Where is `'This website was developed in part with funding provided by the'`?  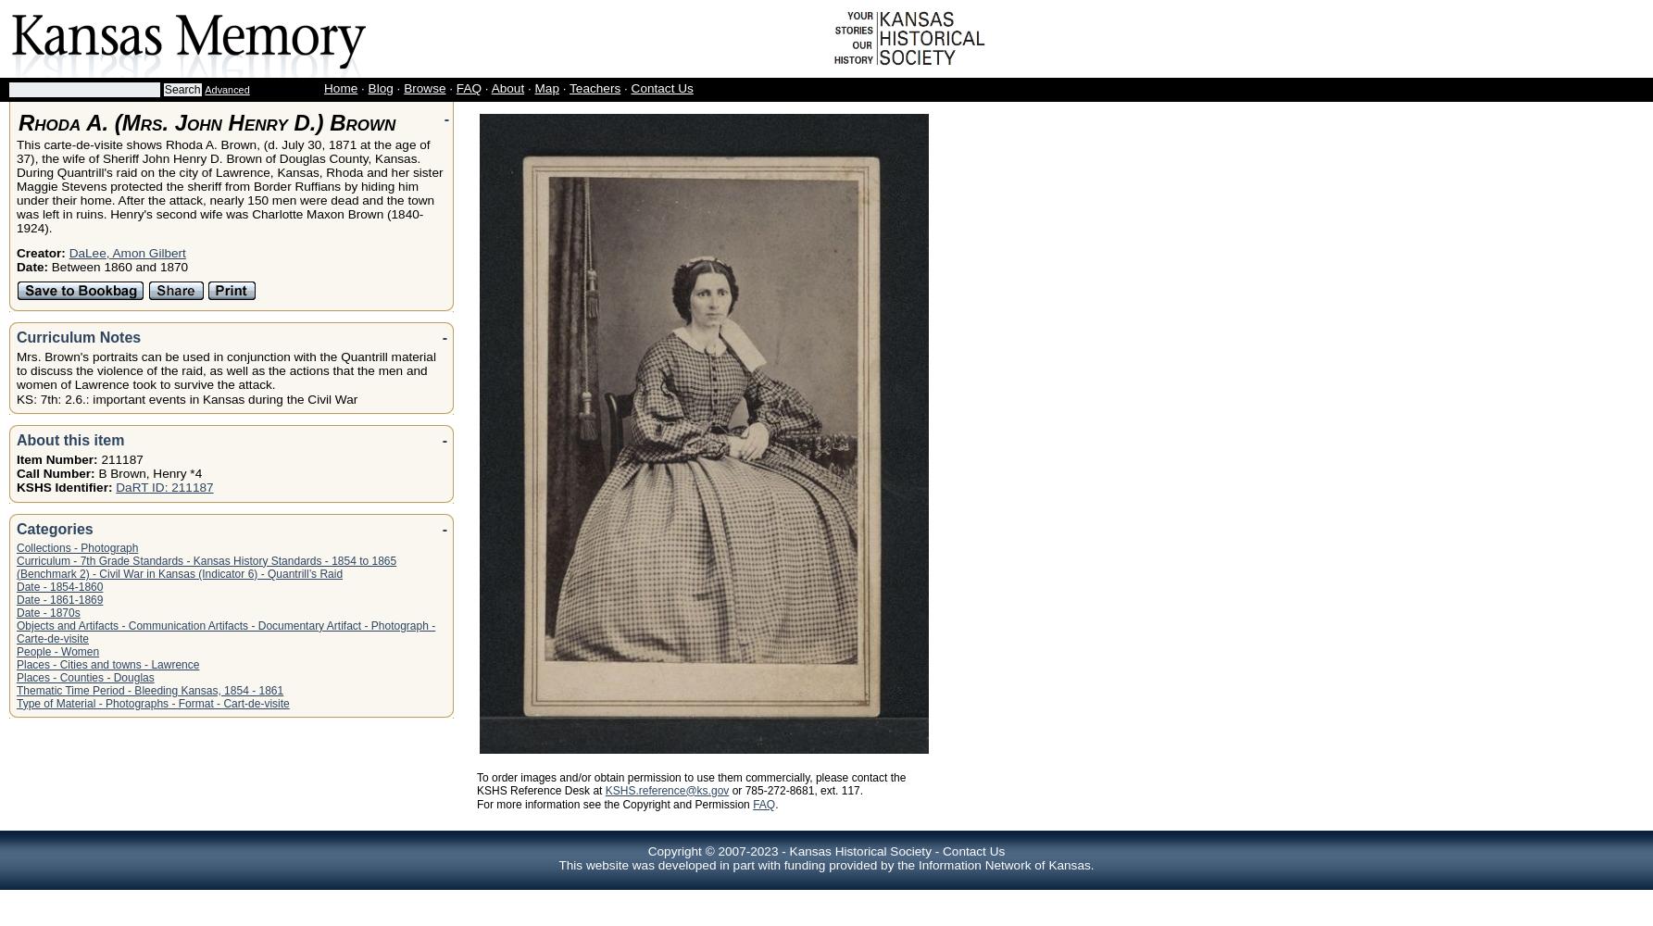 'This website was developed in part with funding provided by the' is located at coordinates (738, 865).